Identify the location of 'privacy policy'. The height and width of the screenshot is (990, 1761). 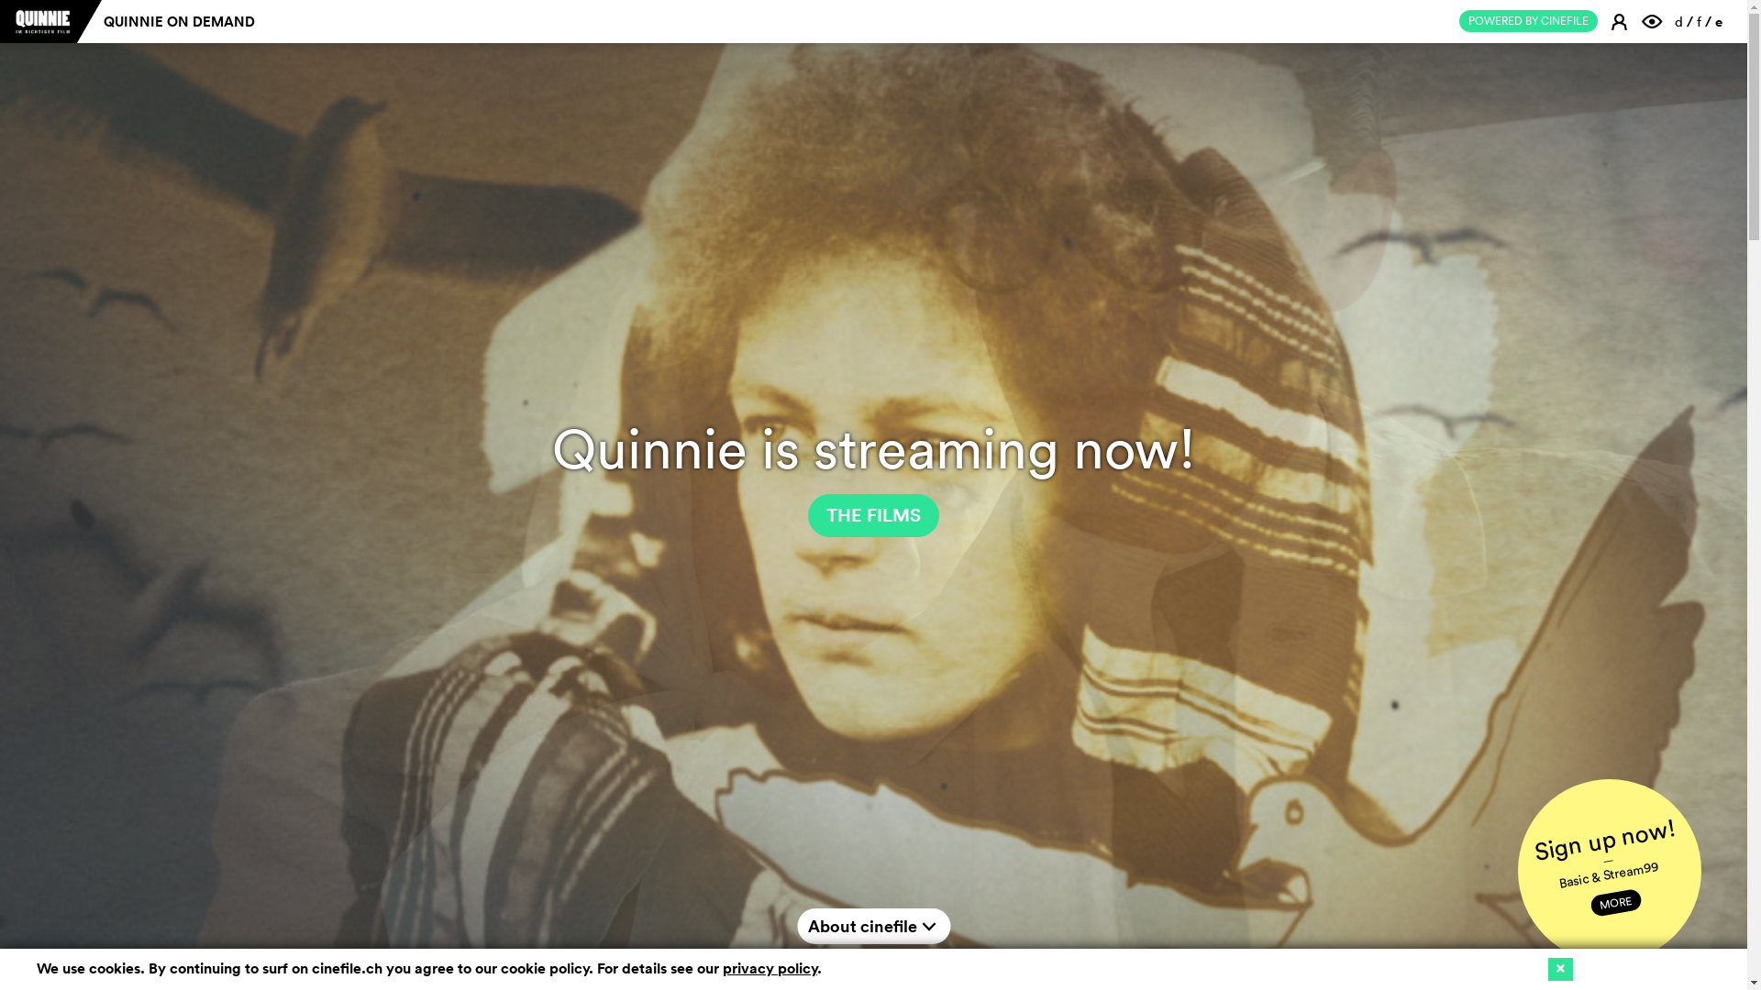
(770, 967).